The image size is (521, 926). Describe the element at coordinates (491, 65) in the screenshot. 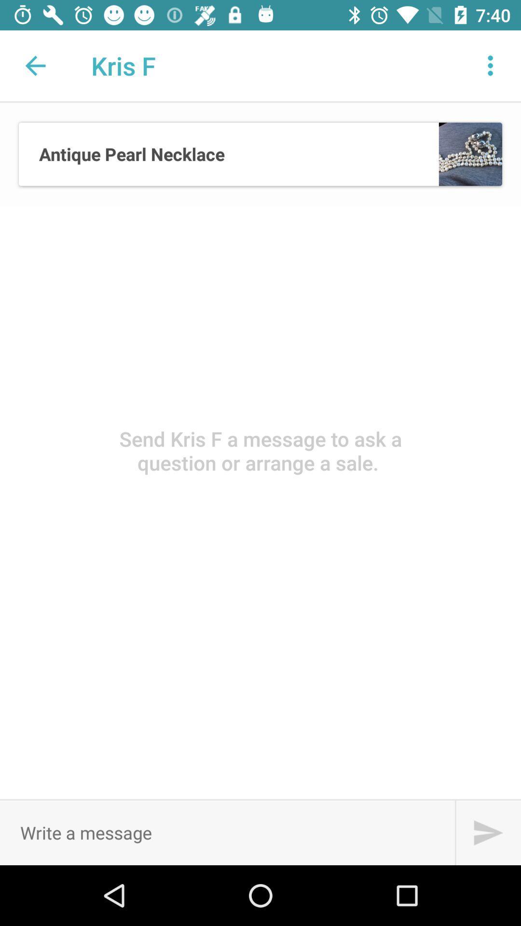

I see `it can be used to open options menu` at that location.